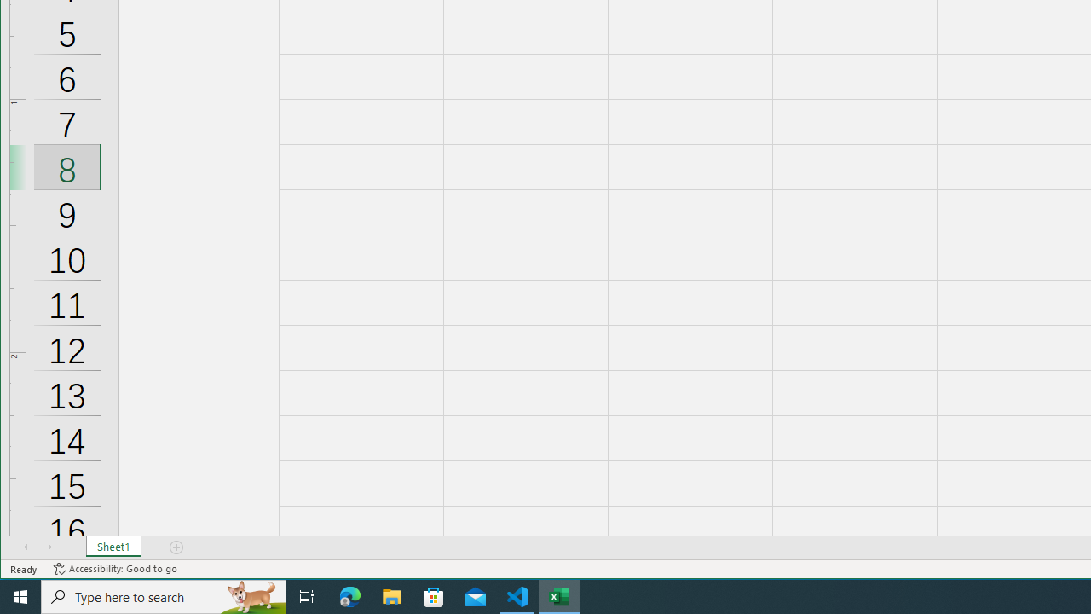 Image resolution: width=1091 pixels, height=614 pixels. Describe the element at coordinates (559, 595) in the screenshot. I see `'Excel - 1 running window'` at that location.